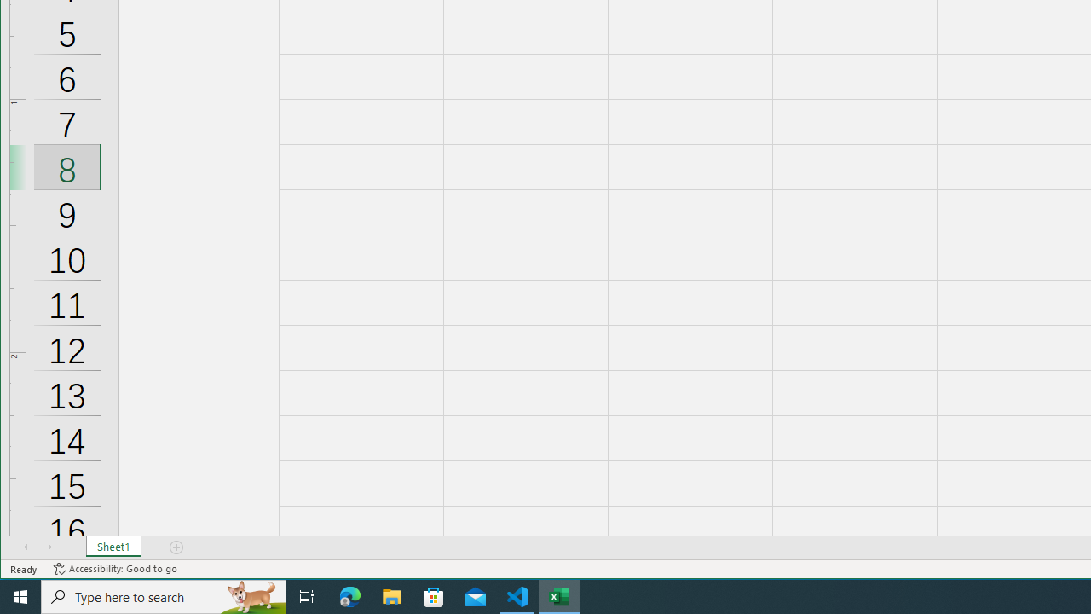 Image resolution: width=1091 pixels, height=614 pixels. Describe the element at coordinates (559, 595) in the screenshot. I see `'Excel - 1 running window'` at that location.